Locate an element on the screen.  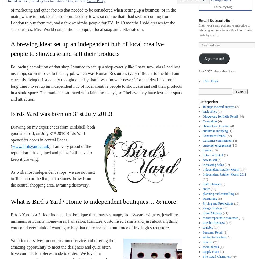
'positioning' is located at coordinates (210, 198).